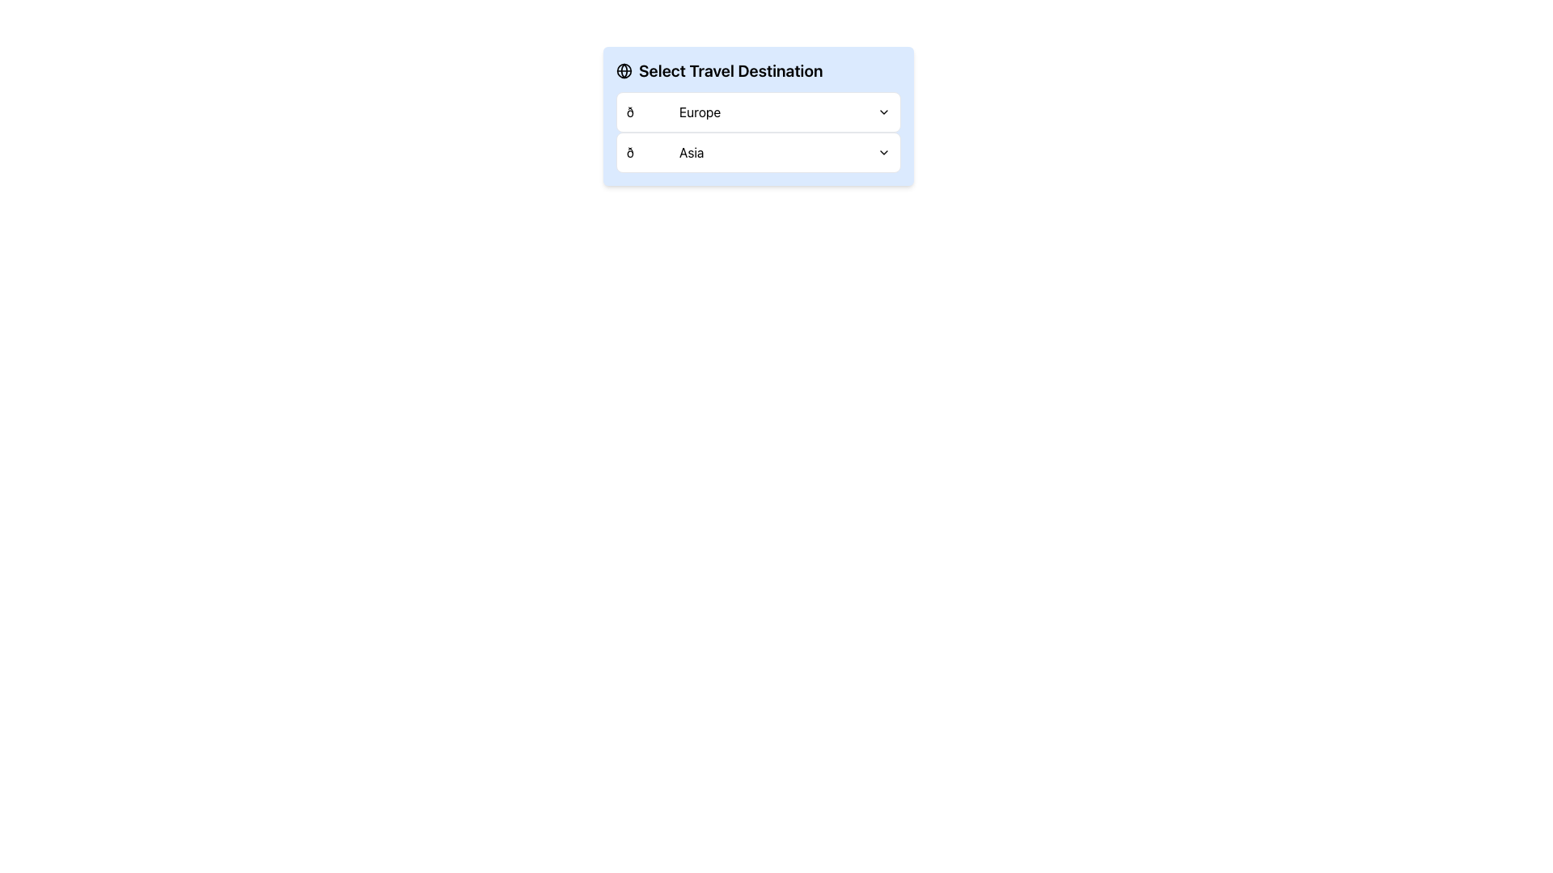 This screenshot has width=1553, height=873. Describe the element at coordinates (883, 153) in the screenshot. I see `the chevron-down icon located at the rightmost end of the 'Asia' row` at that location.